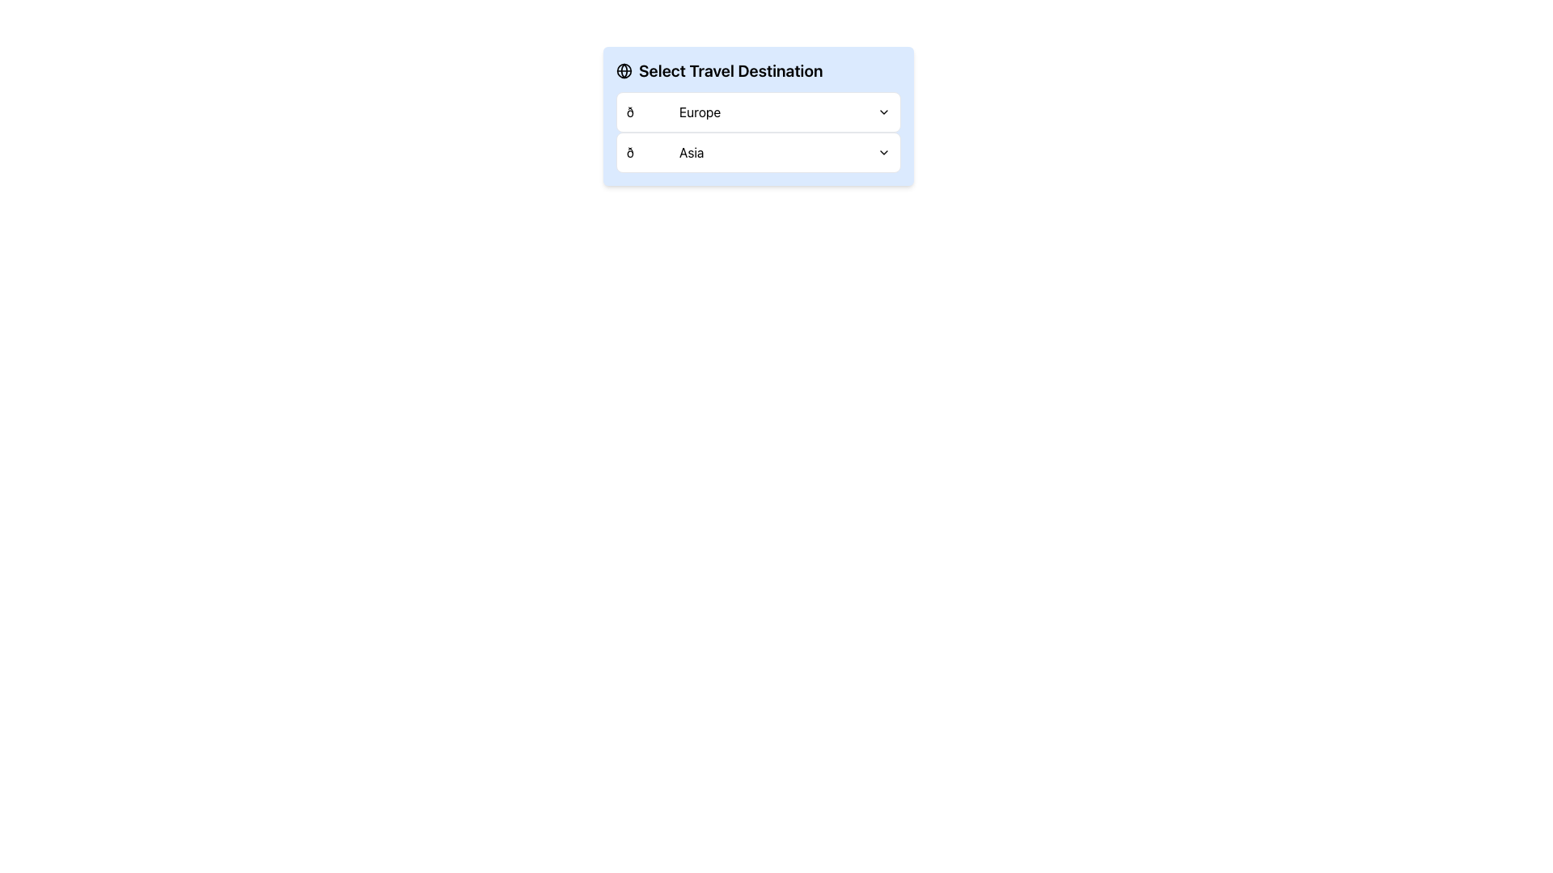 This screenshot has width=1553, height=873. Describe the element at coordinates (883, 153) in the screenshot. I see `the chevron-down icon located at the rightmost end of the 'Asia' row` at that location.